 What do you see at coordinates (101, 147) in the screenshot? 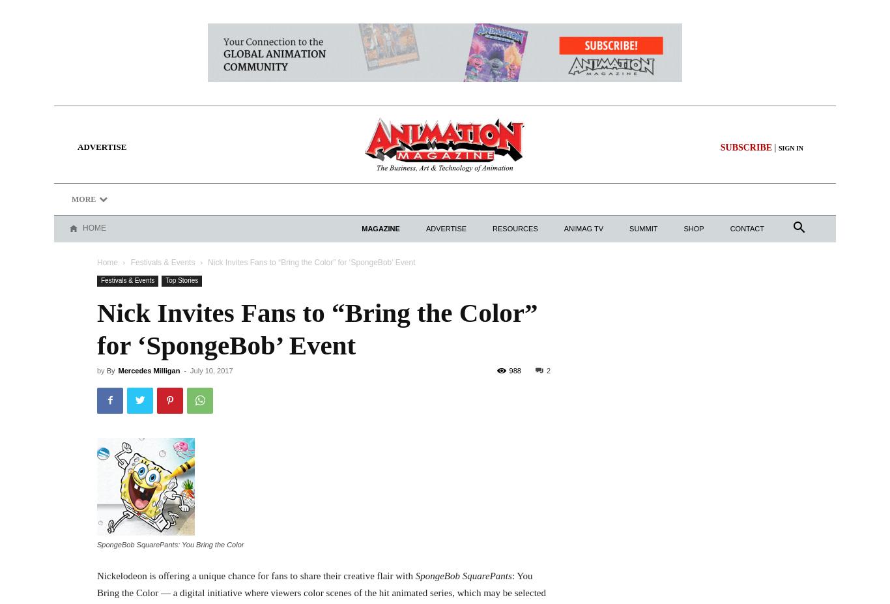
I see `'ADVERTISE'` at bounding box center [101, 147].